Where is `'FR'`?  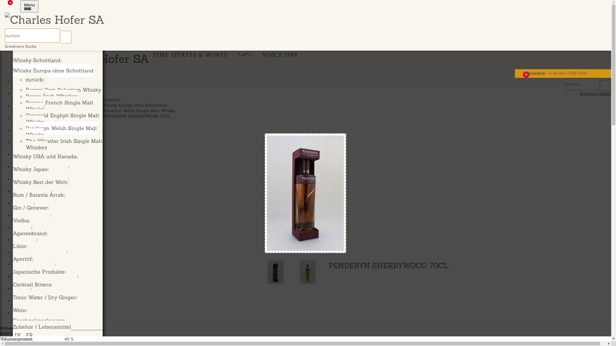 'FR' is located at coordinates (29, 334).